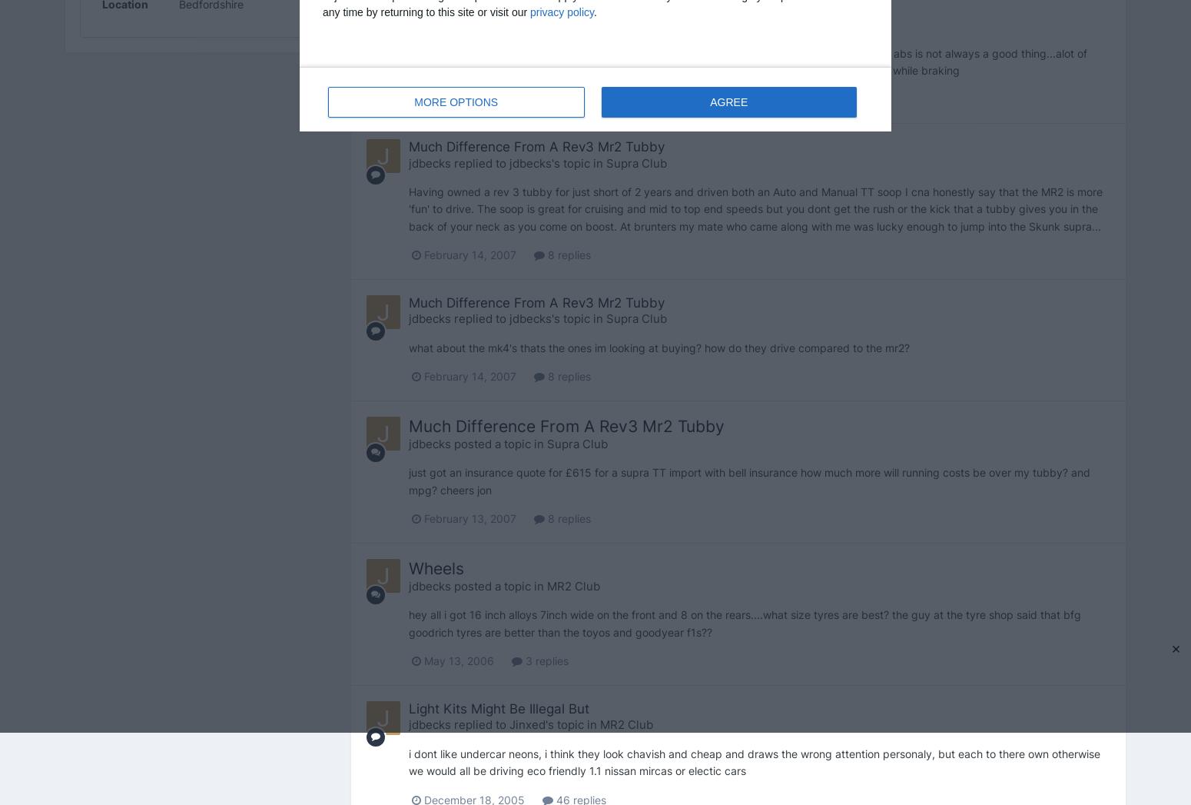 This screenshot has width=1191, height=805. What do you see at coordinates (526, 724) in the screenshot?
I see `'Jinxed'` at bounding box center [526, 724].